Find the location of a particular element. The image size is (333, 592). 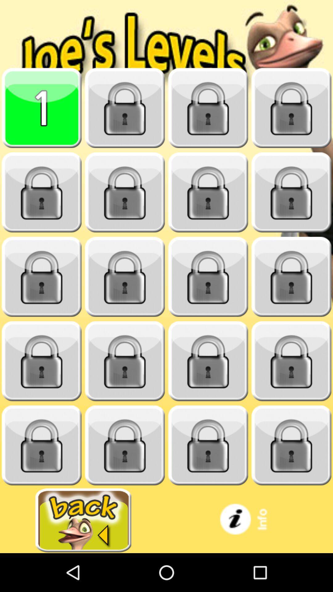

unlock level is located at coordinates (42, 192).